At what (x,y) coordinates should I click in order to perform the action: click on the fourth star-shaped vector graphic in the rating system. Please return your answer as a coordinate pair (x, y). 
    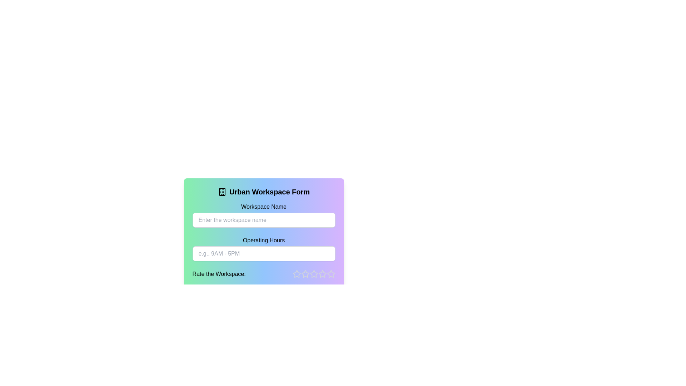
    Looking at the image, I should click on (322, 273).